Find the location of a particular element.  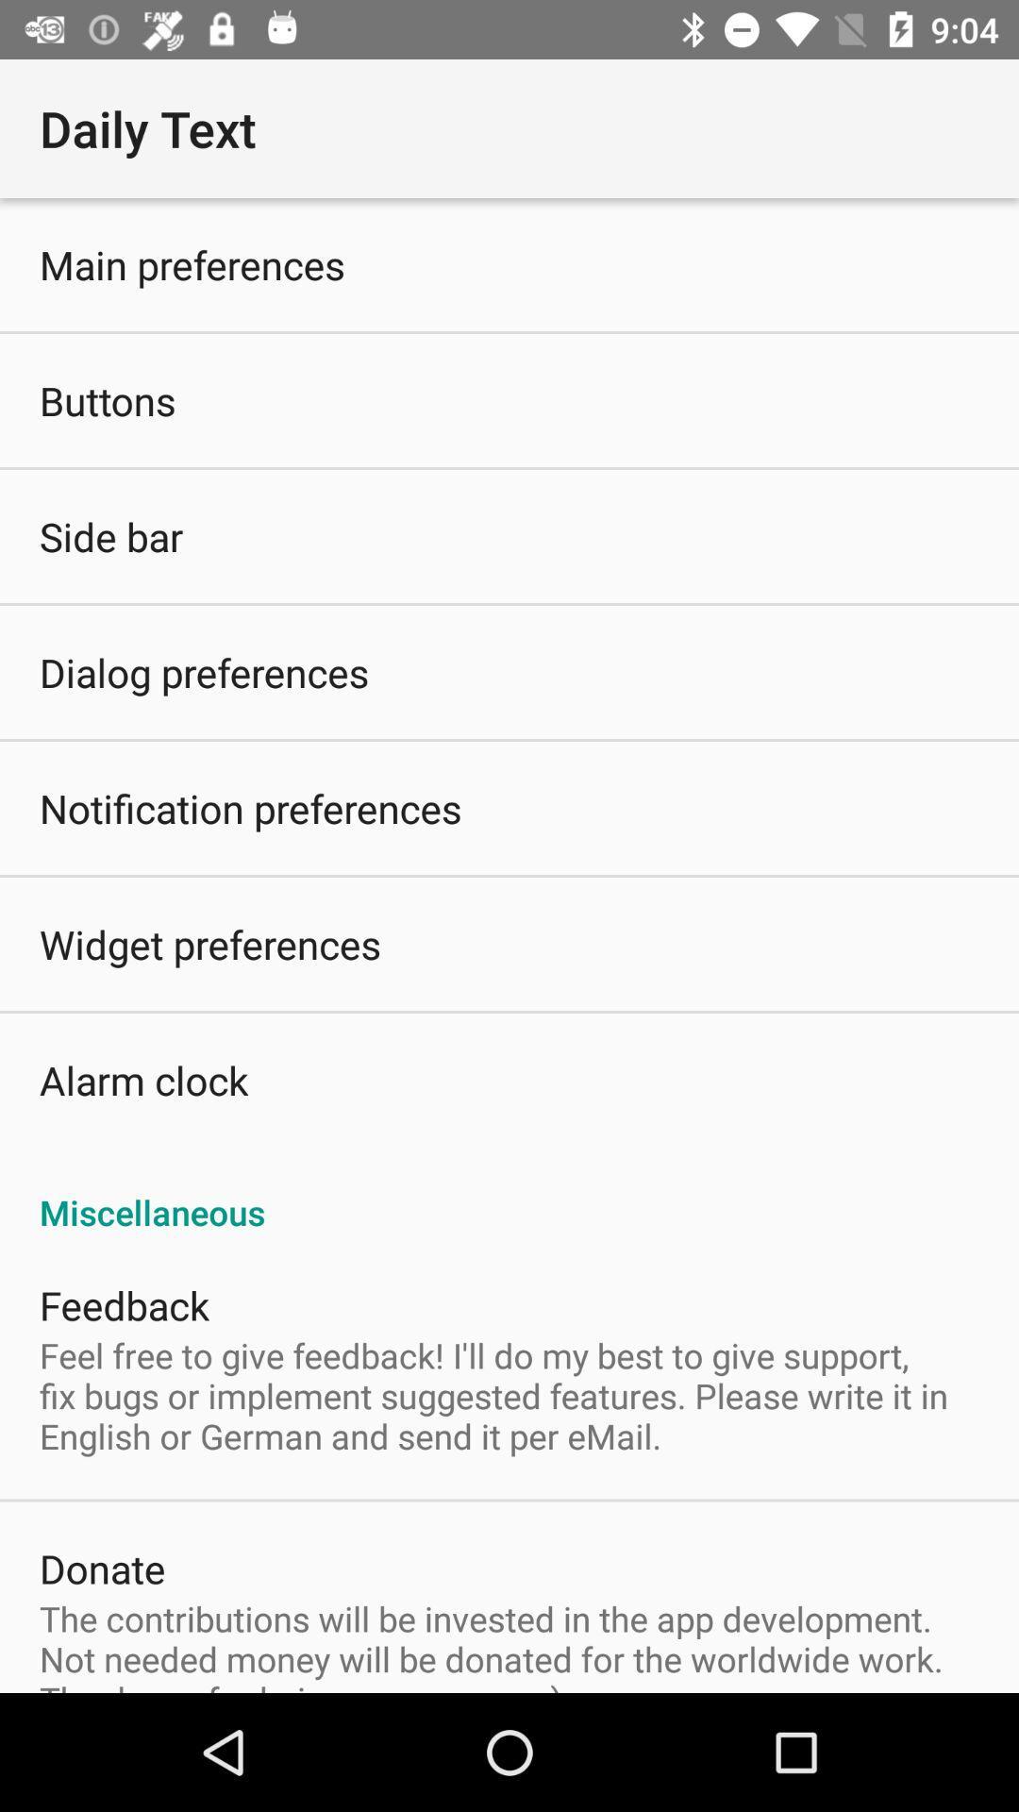

item below daily text is located at coordinates (192, 263).